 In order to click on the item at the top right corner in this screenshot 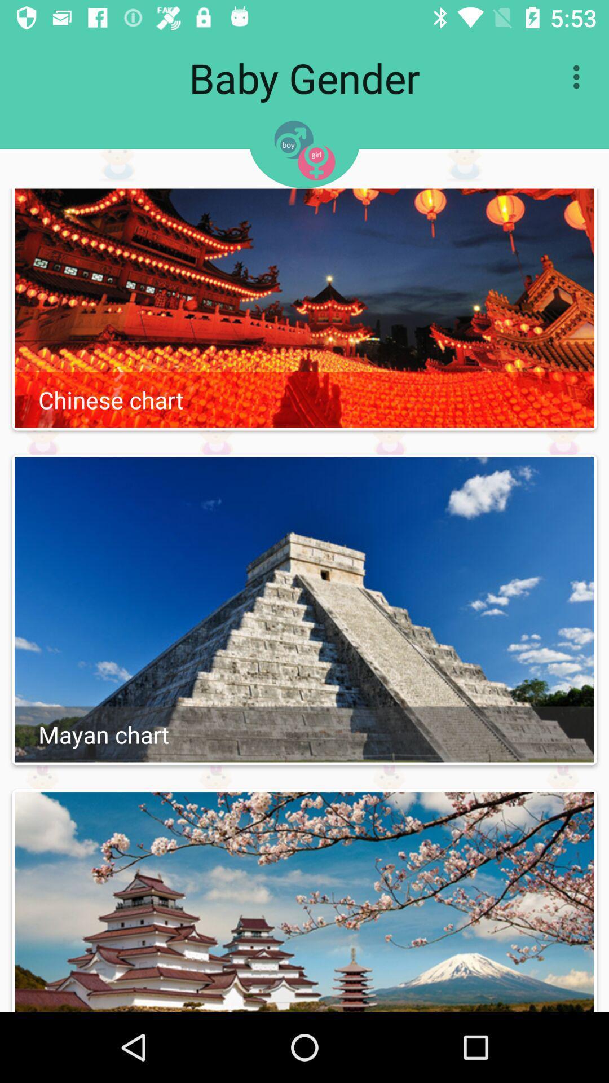, I will do `click(579, 76)`.